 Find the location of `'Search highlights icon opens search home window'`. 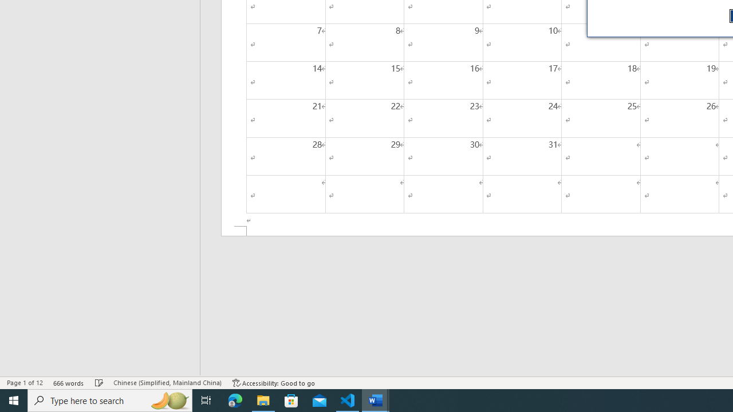

'Search highlights icon opens search home window' is located at coordinates (168, 399).